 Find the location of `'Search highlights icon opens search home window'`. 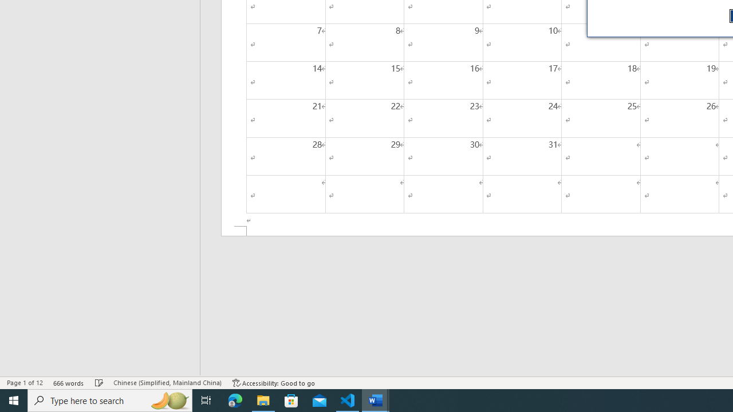

'Search highlights icon opens search home window' is located at coordinates (168, 399).